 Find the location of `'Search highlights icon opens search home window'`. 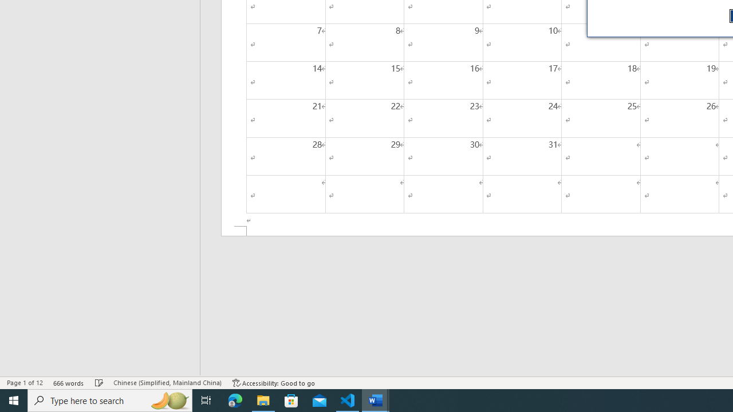

'Search highlights icon opens search home window' is located at coordinates (168, 399).